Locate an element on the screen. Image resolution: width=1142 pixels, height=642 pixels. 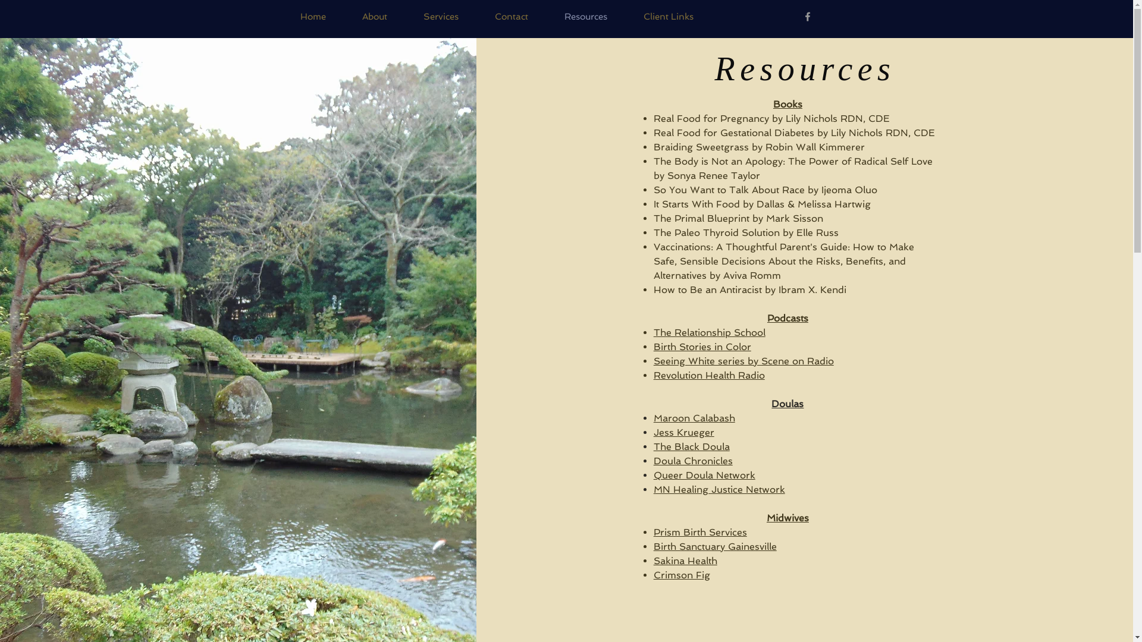
'Resources' is located at coordinates (585, 16).